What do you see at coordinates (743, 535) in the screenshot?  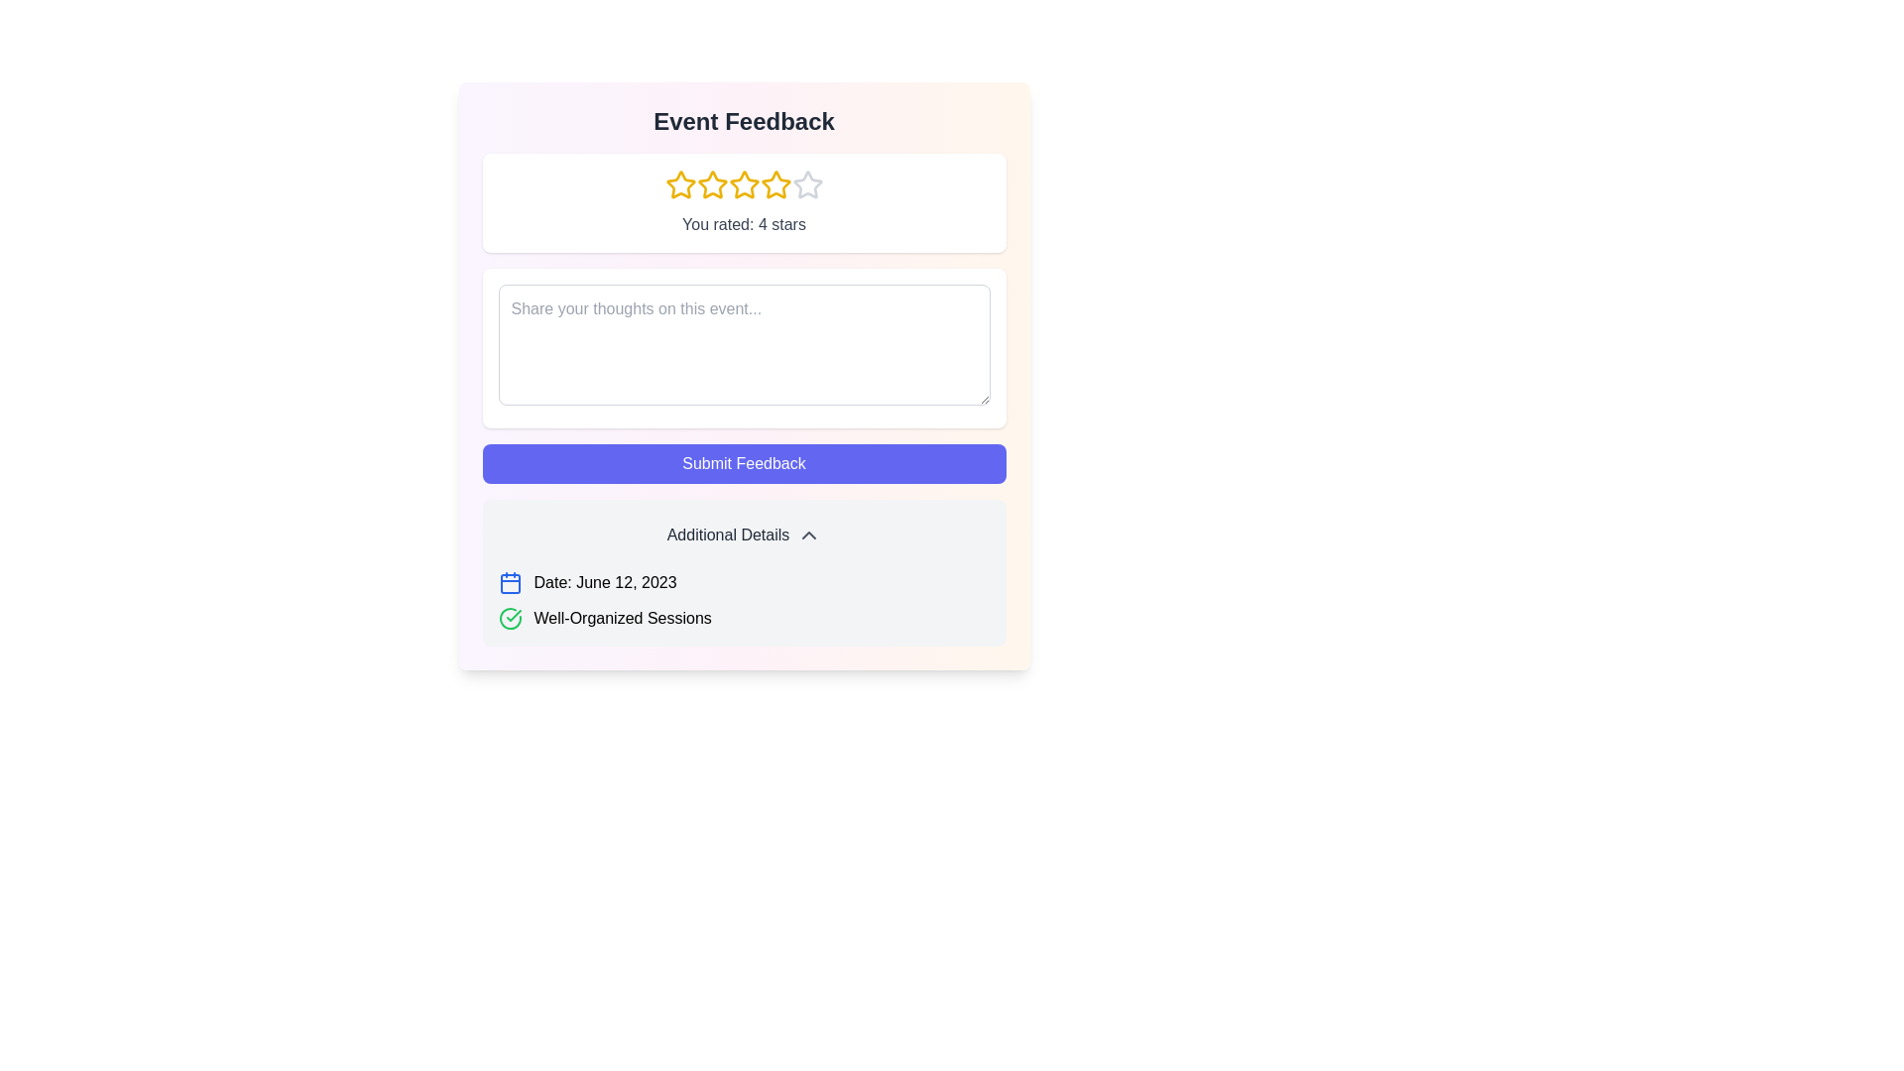 I see `the collapsible section header button located at the bottom of the 'Event Feedback' panel, just above the details labeled 'Date: June 12, 2023'` at bounding box center [743, 535].